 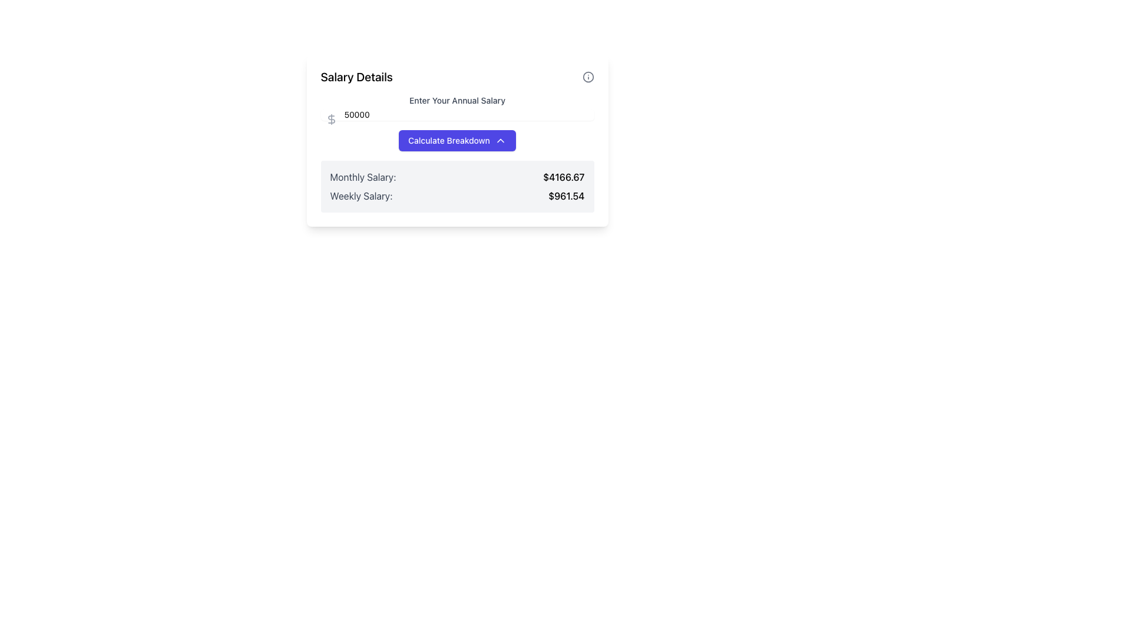 I want to click on the text label that reads 'Monthly Salary:' located in the left cell of a two-column row in a vertically stacked list, so click(x=362, y=177).